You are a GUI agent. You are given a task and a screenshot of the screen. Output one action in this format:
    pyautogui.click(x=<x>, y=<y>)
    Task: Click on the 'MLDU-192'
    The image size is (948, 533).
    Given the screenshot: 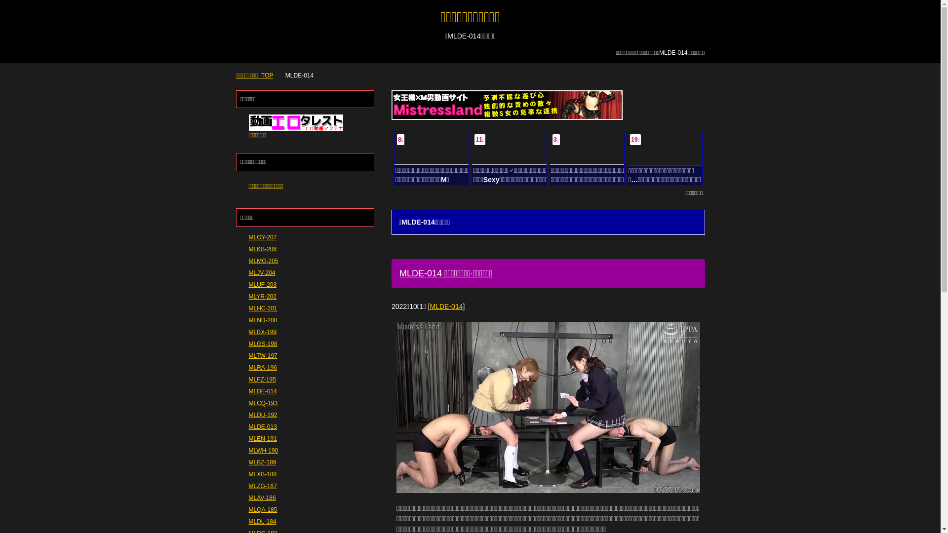 What is the action you would take?
    pyautogui.click(x=263, y=415)
    